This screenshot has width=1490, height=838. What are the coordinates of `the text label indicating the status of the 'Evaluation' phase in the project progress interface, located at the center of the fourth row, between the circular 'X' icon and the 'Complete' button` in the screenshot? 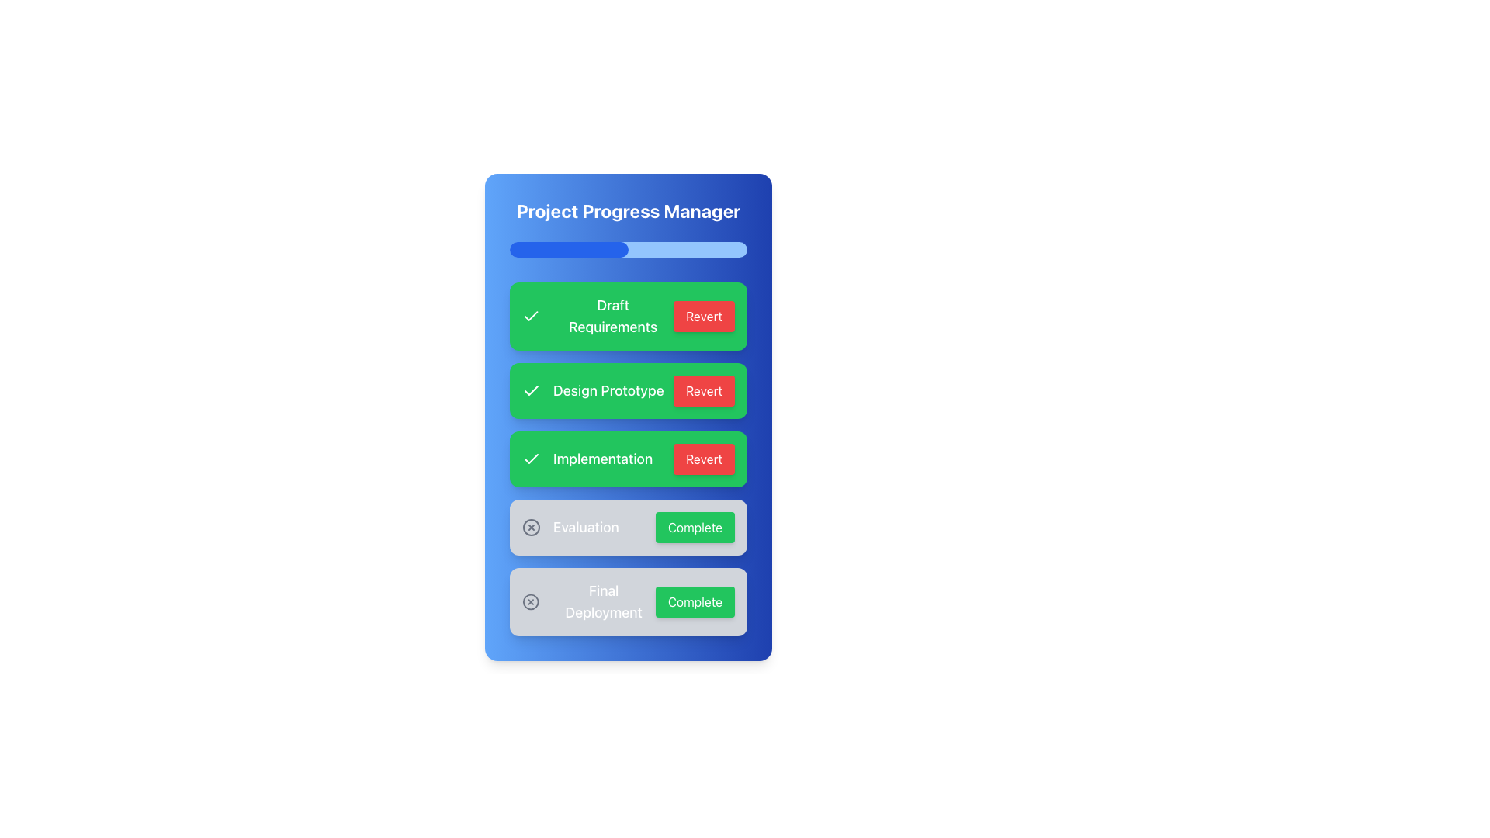 It's located at (585, 526).